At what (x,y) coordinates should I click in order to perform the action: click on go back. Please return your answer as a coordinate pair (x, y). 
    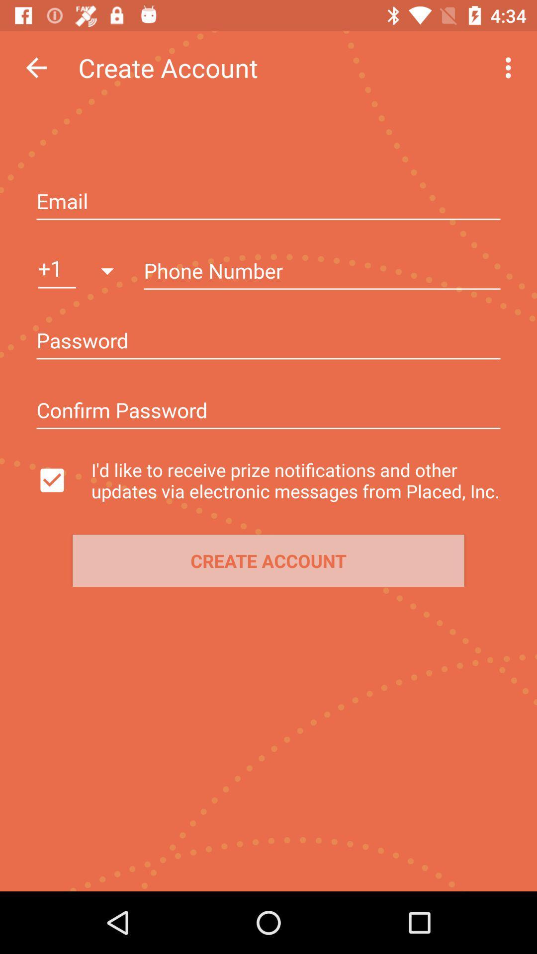
    Looking at the image, I should click on (36, 67).